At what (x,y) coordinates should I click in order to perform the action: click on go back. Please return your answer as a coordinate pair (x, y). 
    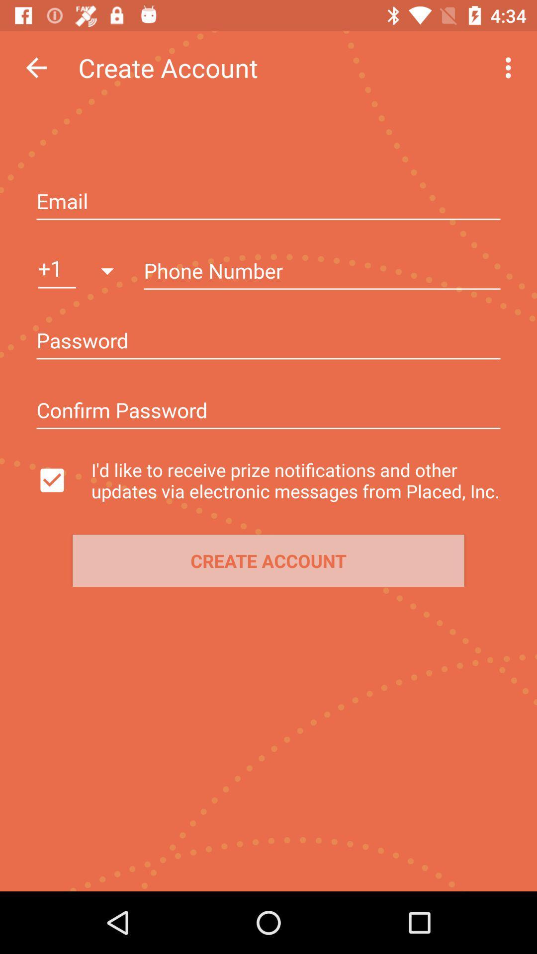
    Looking at the image, I should click on (36, 67).